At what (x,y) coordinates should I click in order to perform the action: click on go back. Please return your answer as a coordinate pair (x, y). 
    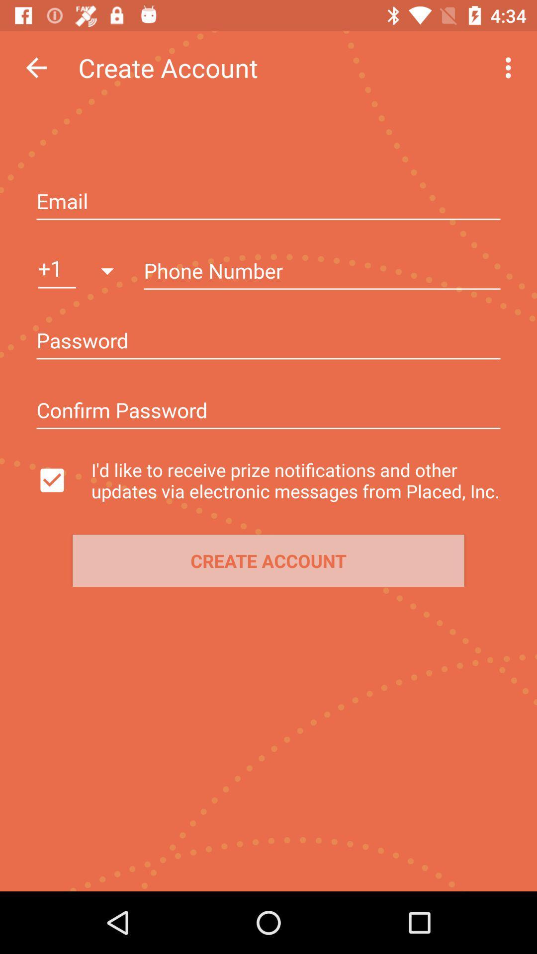
    Looking at the image, I should click on (36, 67).